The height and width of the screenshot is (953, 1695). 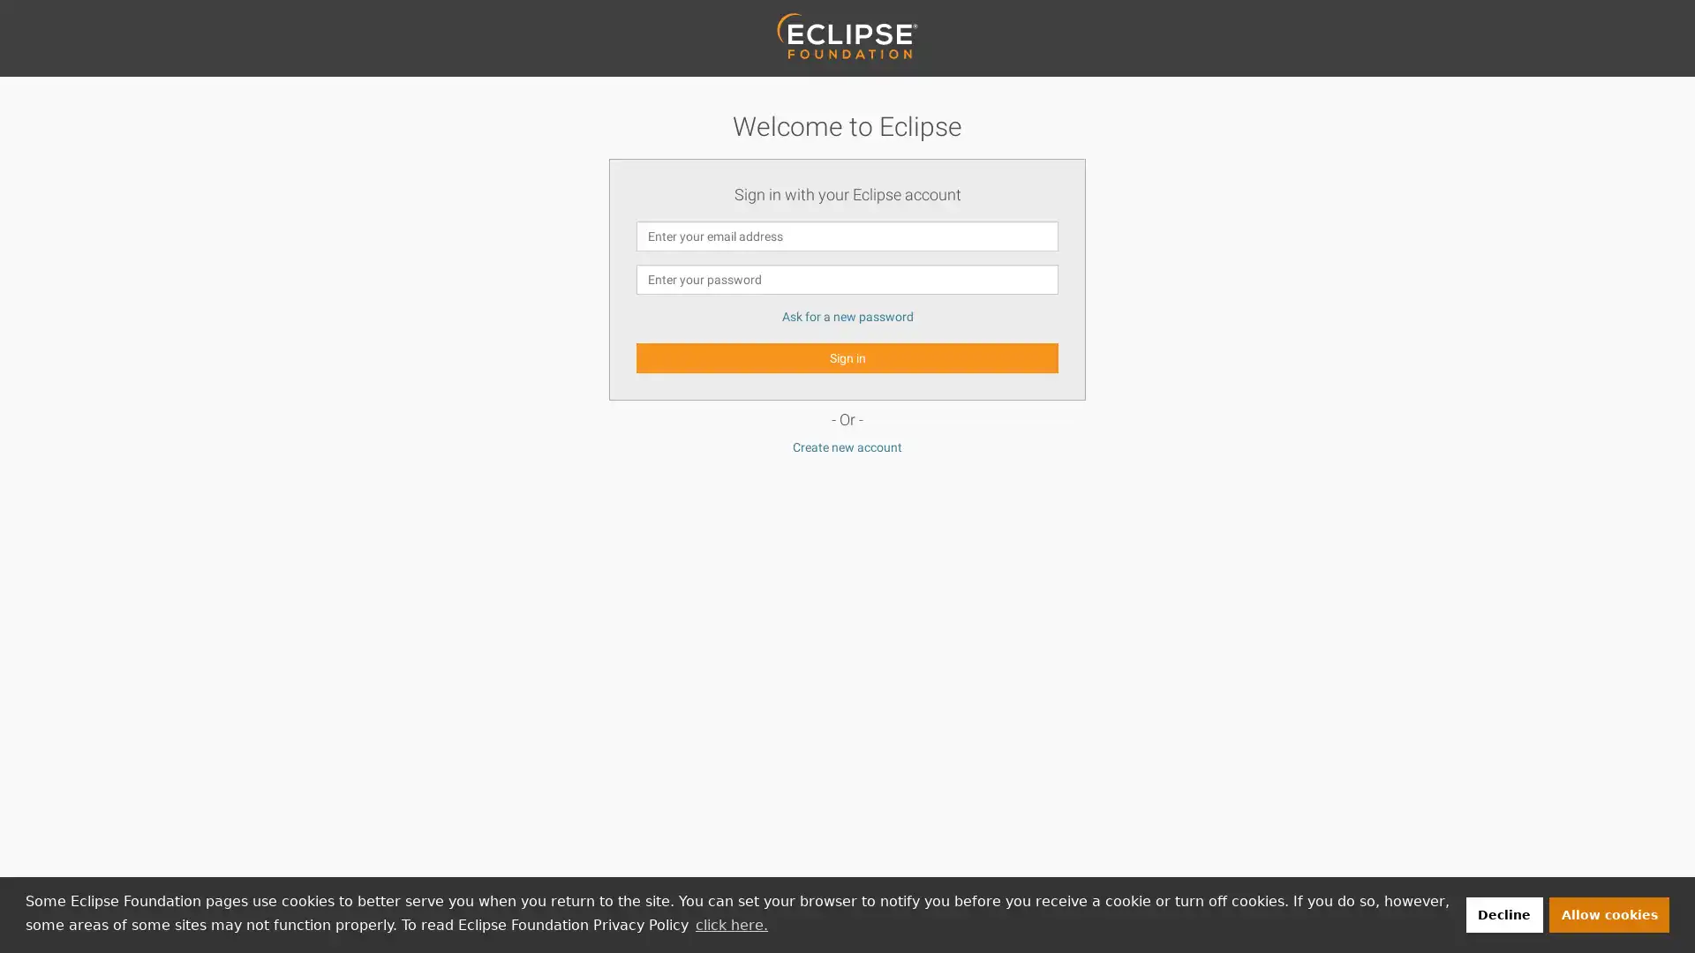 I want to click on deny cookies, so click(x=1503, y=913).